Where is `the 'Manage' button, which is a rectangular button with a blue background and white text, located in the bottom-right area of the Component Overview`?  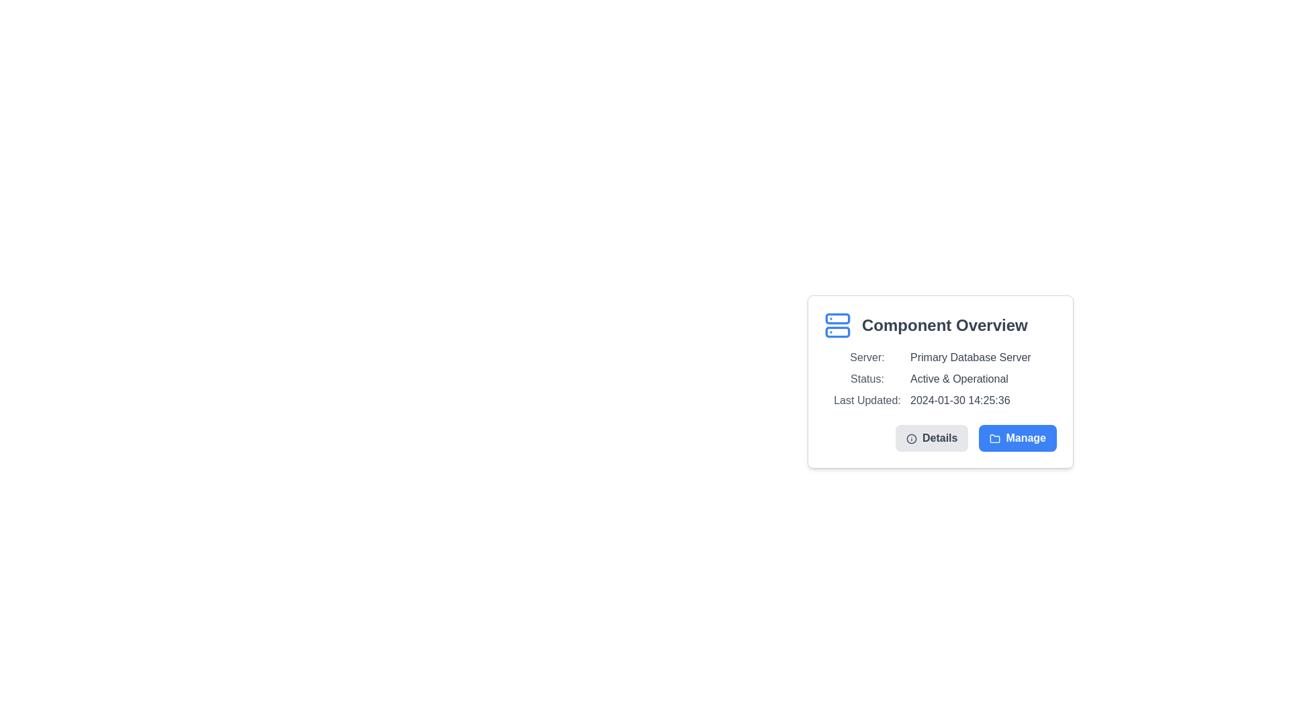 the 'Manage' button, which is a rectangular button with a blue background and white text, located in the bottom-right area of the Component Overview is located at coordinates (1018, 438).